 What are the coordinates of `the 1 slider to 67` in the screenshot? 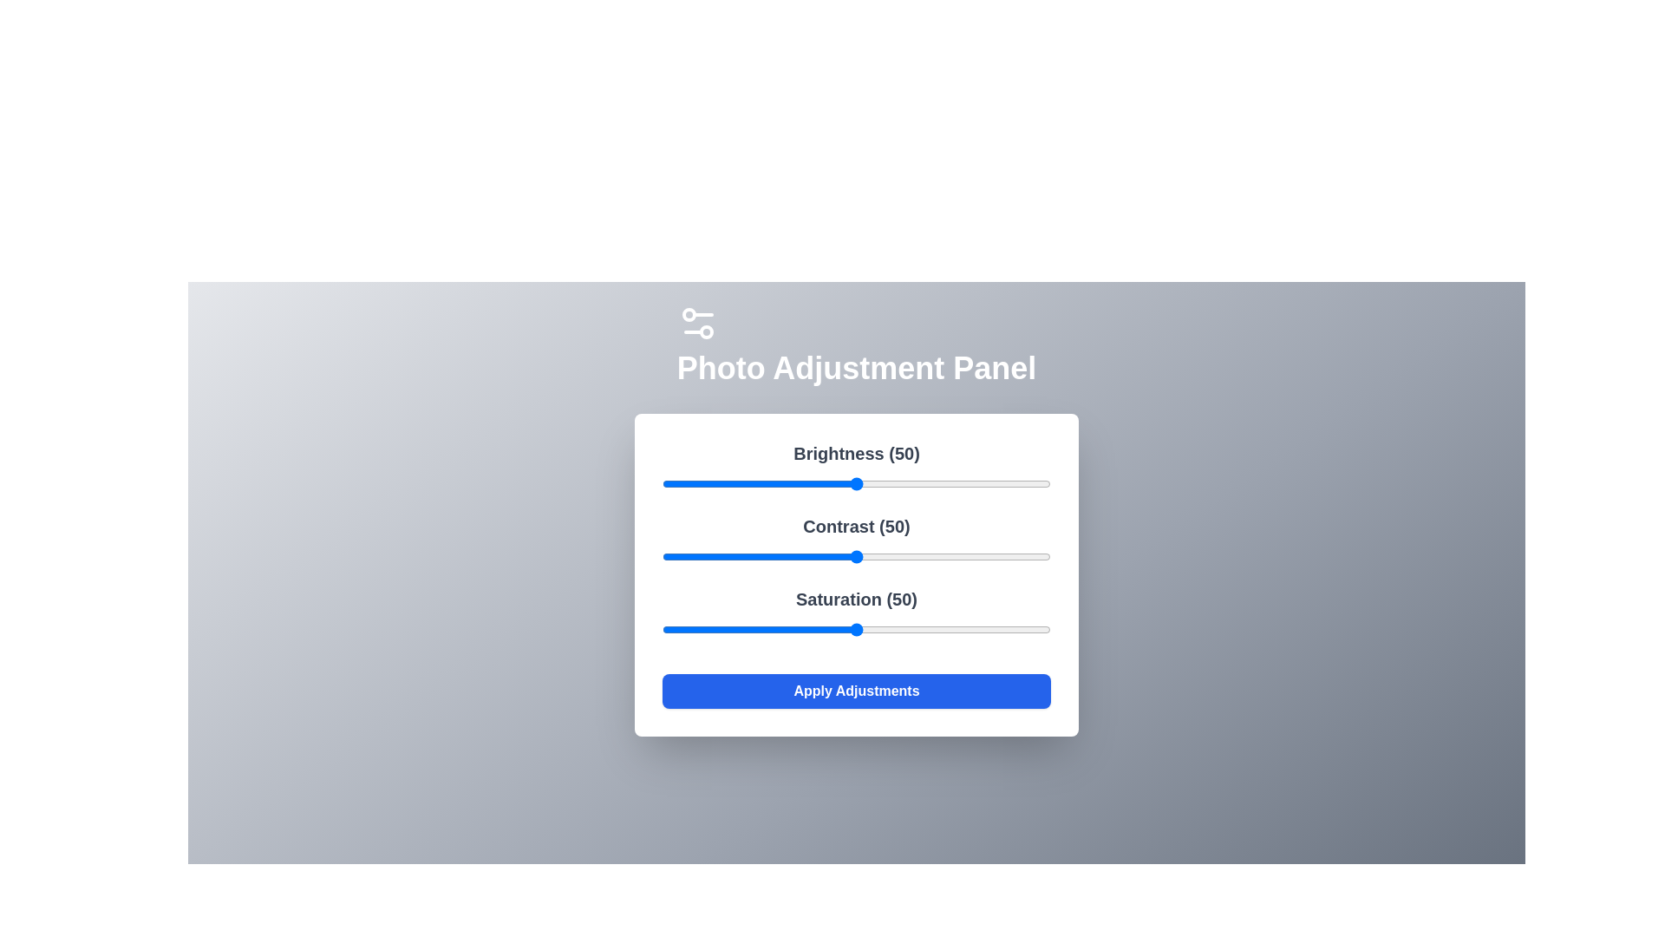 It's located at (922, 556).